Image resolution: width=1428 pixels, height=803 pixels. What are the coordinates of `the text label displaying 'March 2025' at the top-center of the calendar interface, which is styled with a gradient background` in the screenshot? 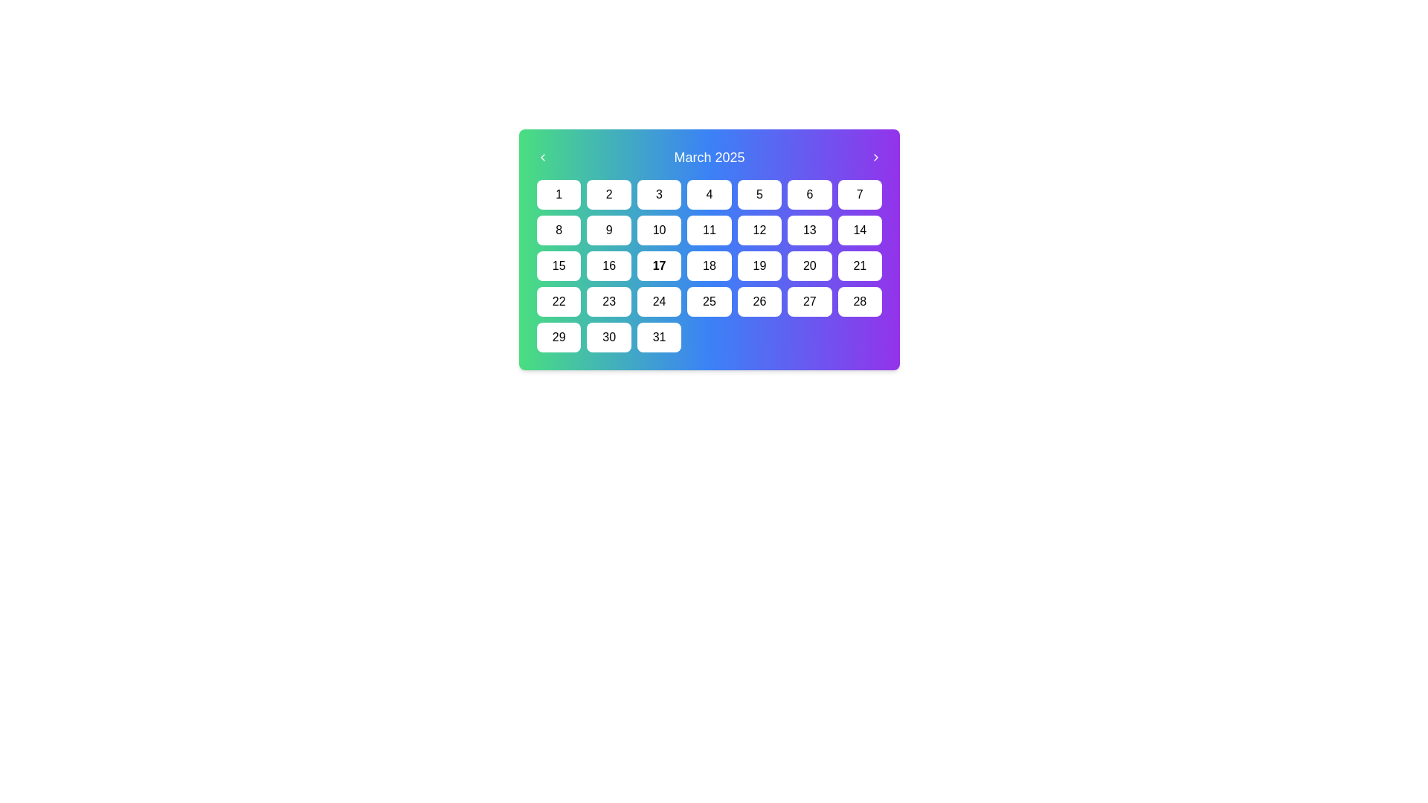 It's located at (709, 158).